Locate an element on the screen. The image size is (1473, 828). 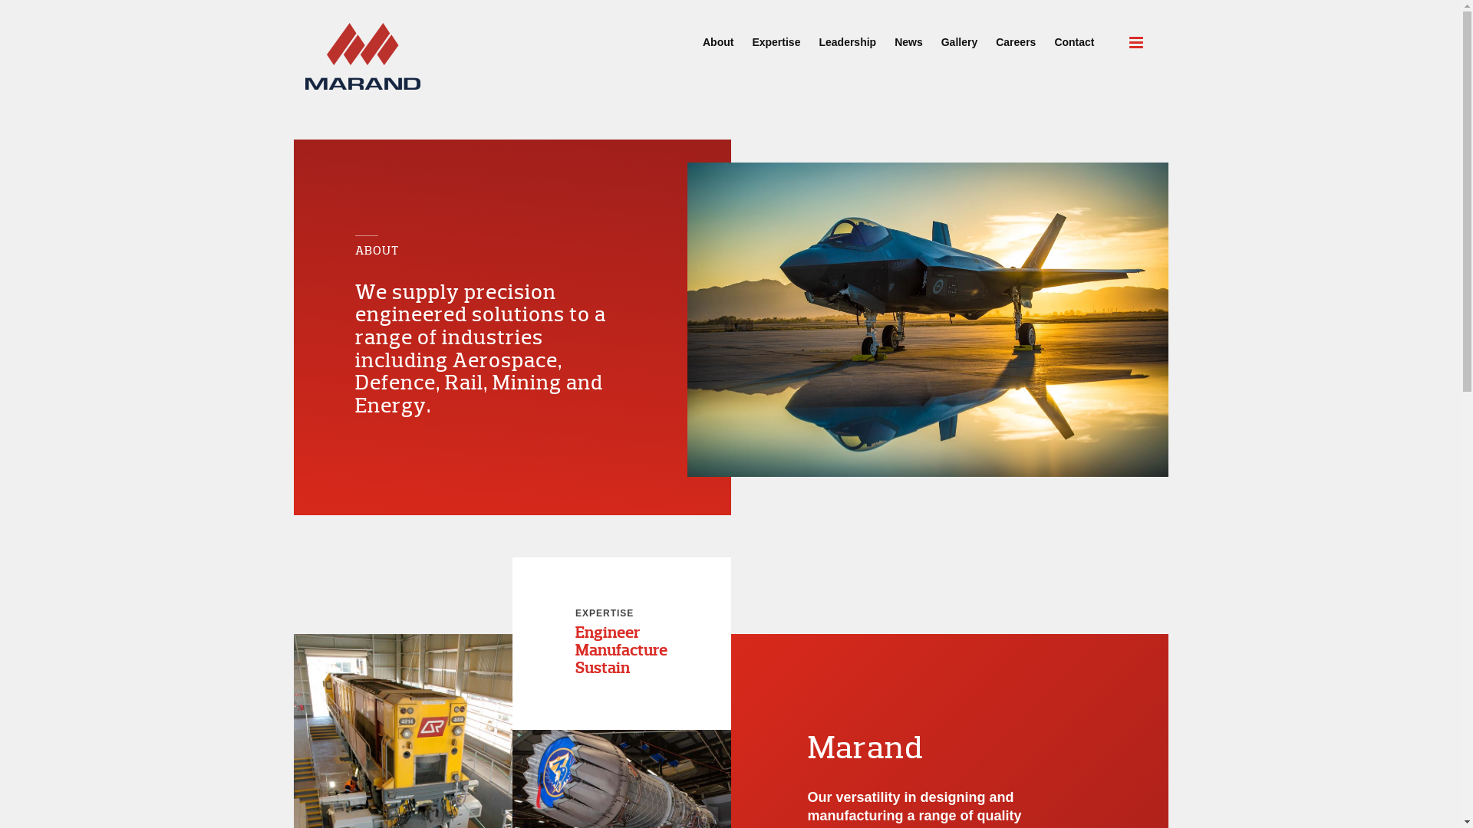
'Sustain' is located at coordinates (601, 667).